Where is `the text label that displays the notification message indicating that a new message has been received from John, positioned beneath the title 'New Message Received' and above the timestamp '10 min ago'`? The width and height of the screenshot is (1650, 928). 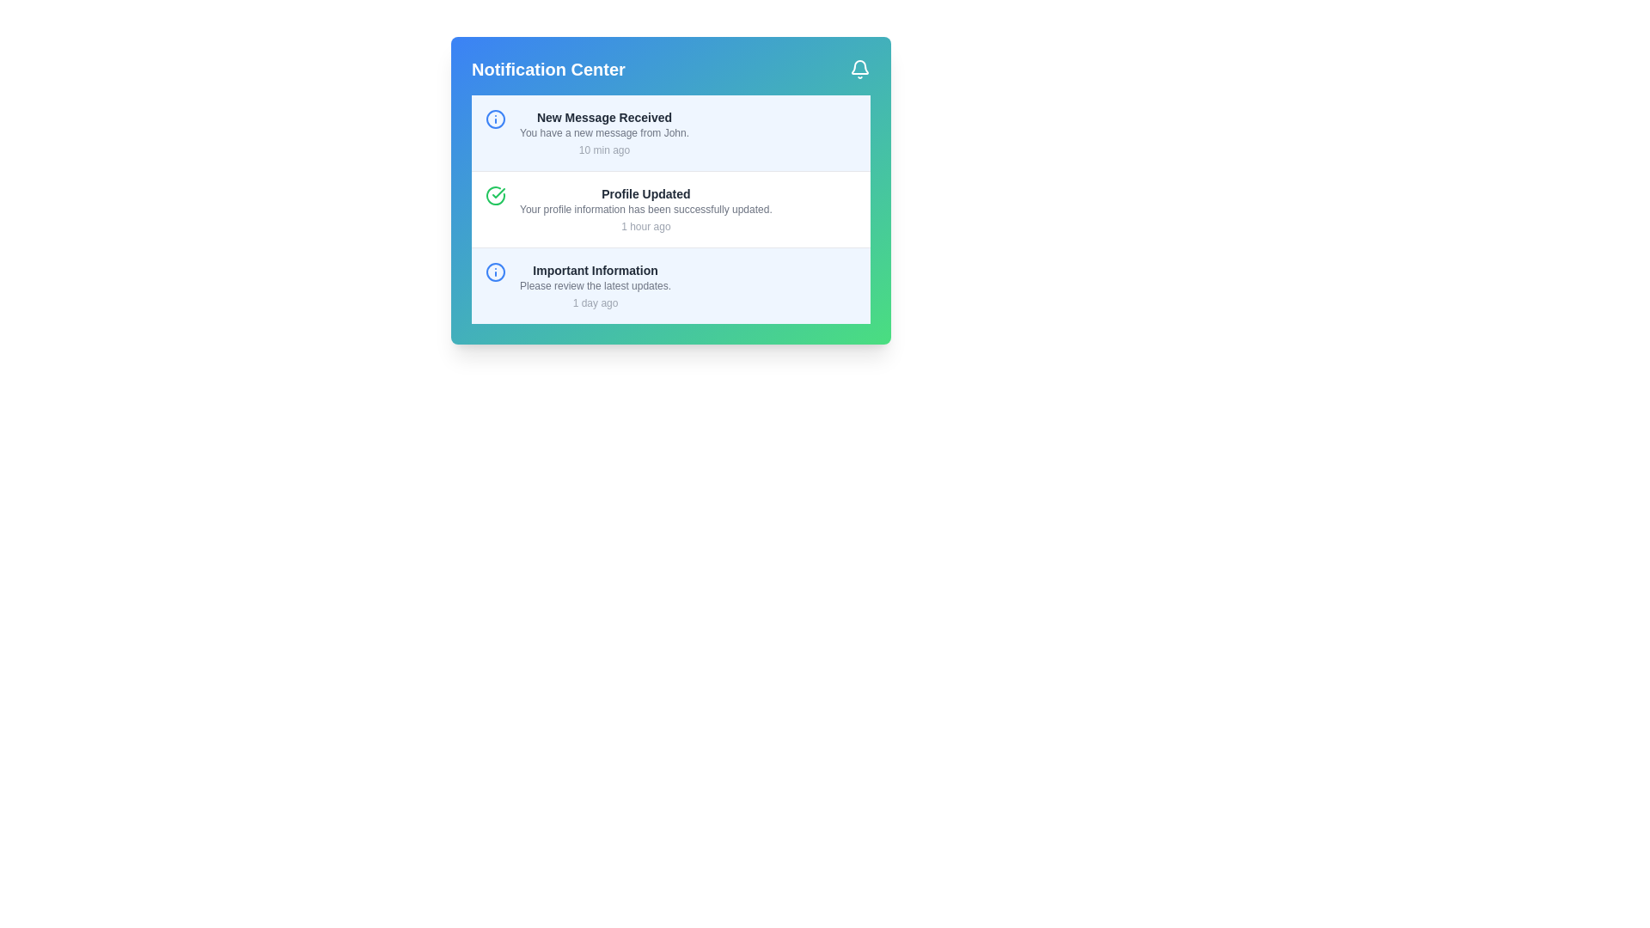
the text label that displays the notification message indicating that a new message has been received from John, positioned beneath the title 'New Message Received' and above the timestamp '10 min ago' is located at coordinates (604, 131).